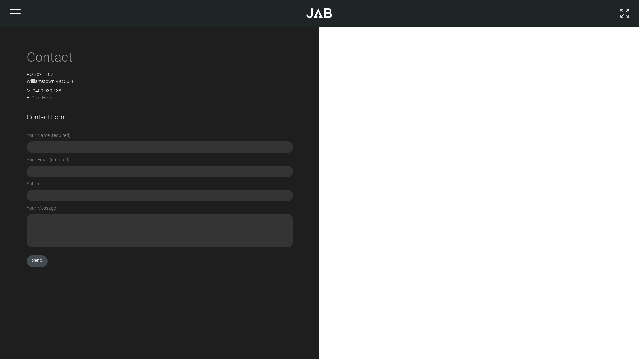 The height and width of the screenshot is (359, 639). Describe the element at coordinates (41, 97) in the screenshot. I see `'Click Here'` at that location.